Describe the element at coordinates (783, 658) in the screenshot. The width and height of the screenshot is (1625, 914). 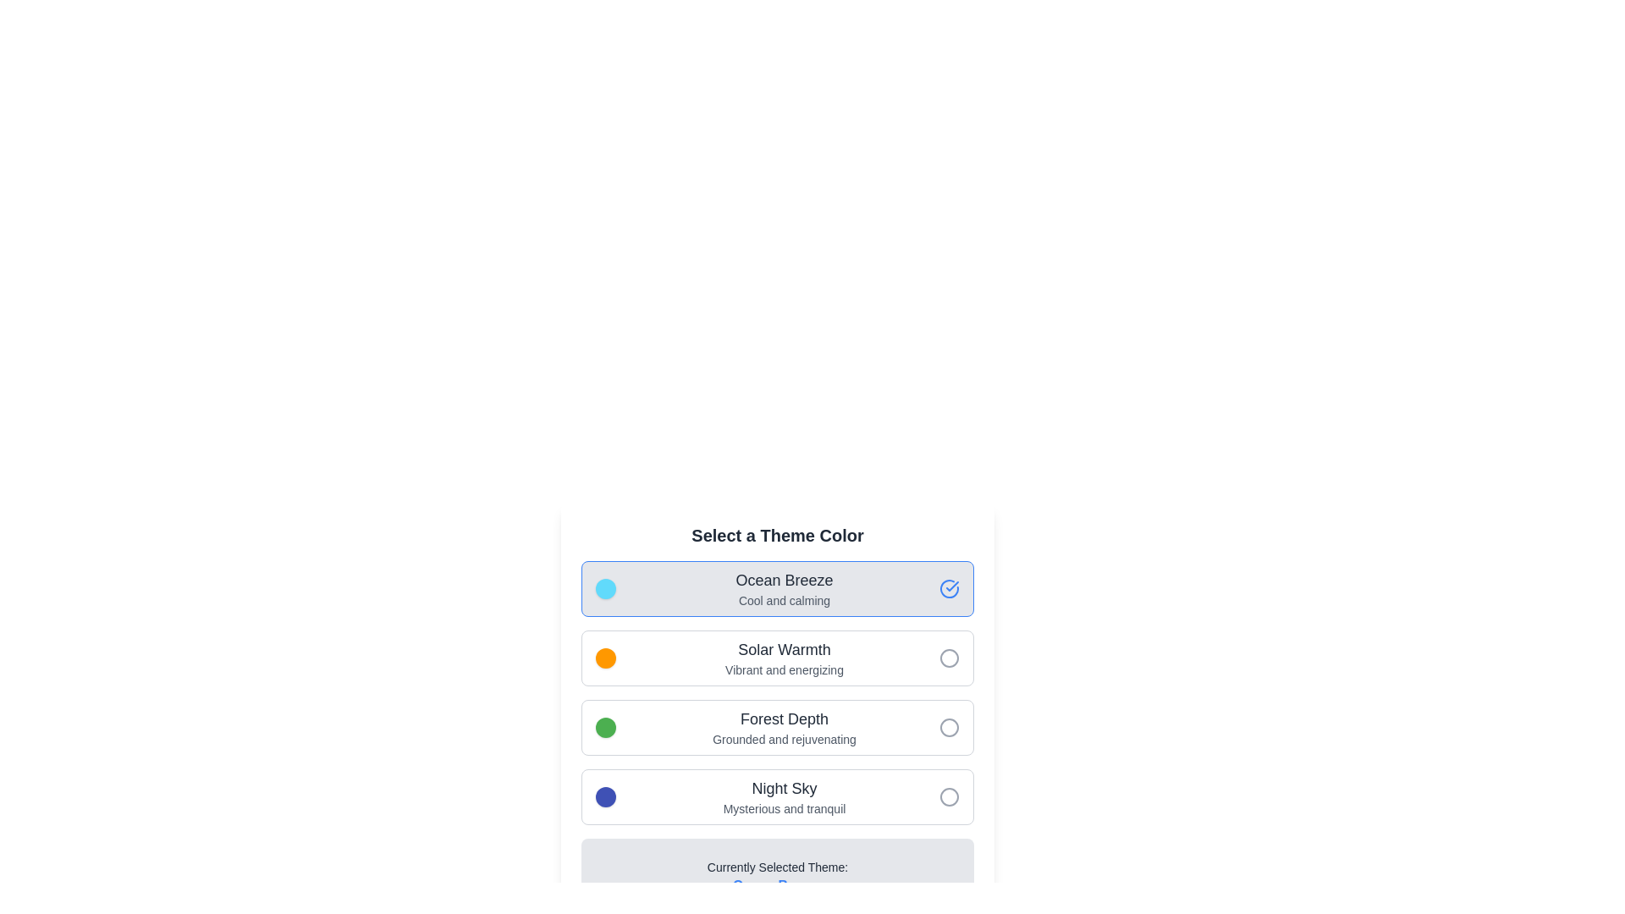
I see `the Text display block containing the title and subtitle for the 'Solar Warmth' theme, located in the second card of the vertical list of selectable theme options` at that location.